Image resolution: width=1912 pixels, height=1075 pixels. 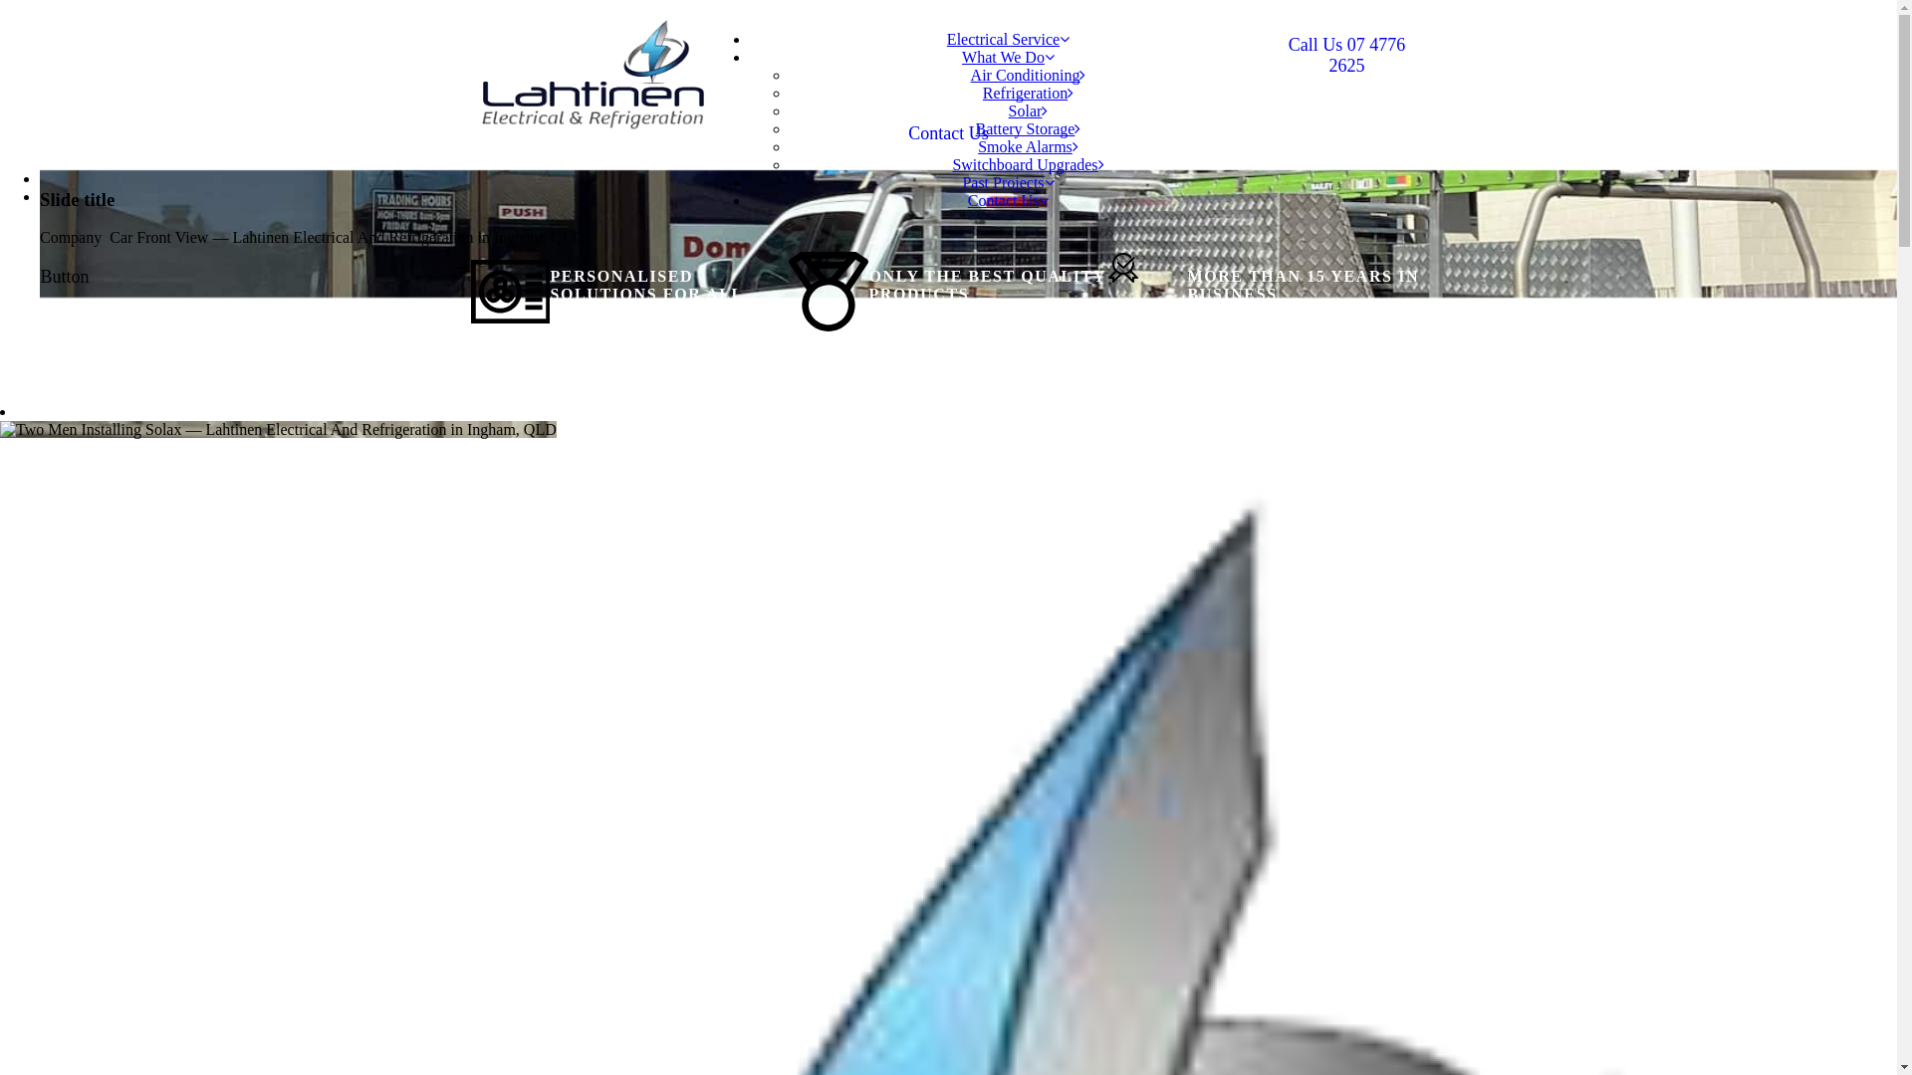 I want to click on 'Call Us 07 4776 2625', so click(x=1346, y=55).